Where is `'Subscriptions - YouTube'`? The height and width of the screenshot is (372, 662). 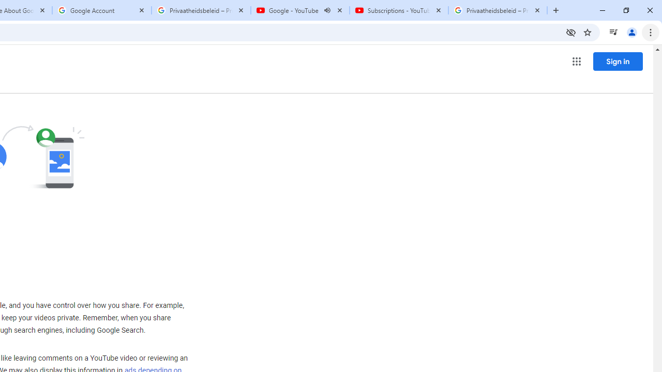
'Subscriptions - YouTube' is located at coordinates (398, 10).